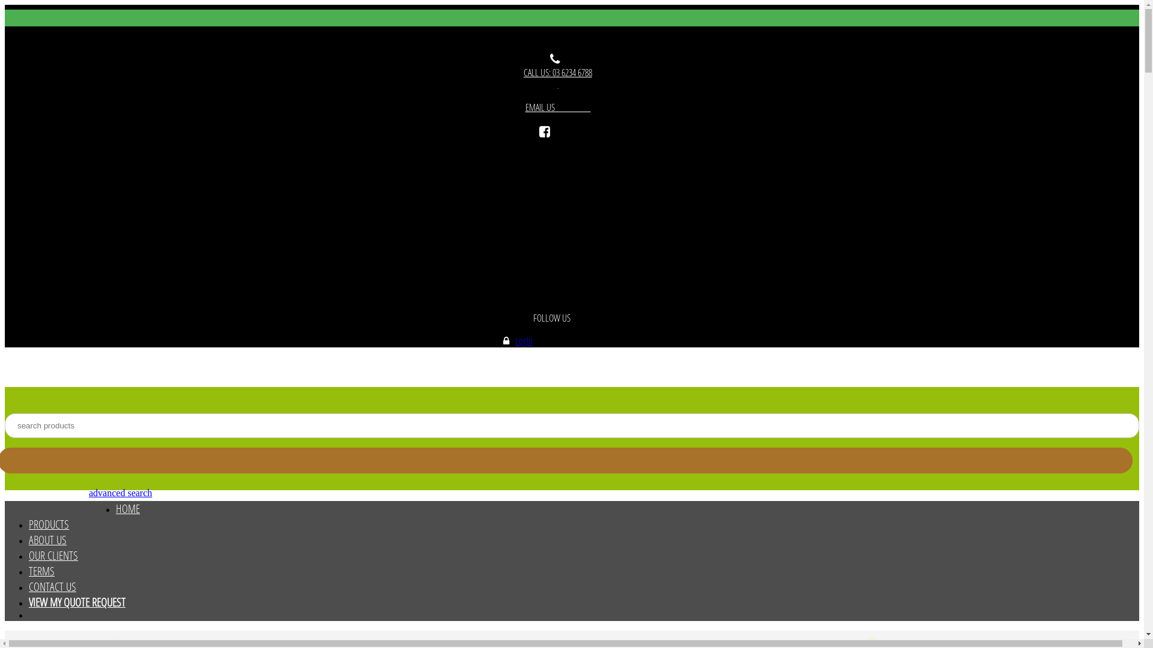 Image resolution: width=1153 pixels, height=648 pixels. I want to click on 'CALL US: 03 6234 6788', so click(557, 72).